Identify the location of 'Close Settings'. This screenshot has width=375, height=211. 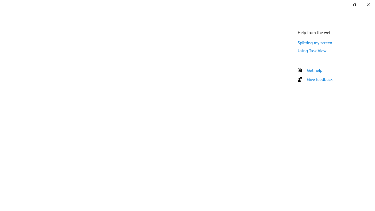
(368, 4).